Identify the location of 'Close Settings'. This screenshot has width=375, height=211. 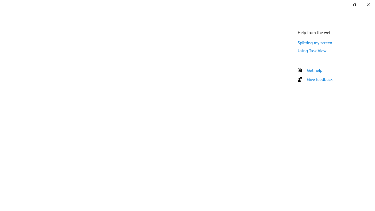
(368, 4).